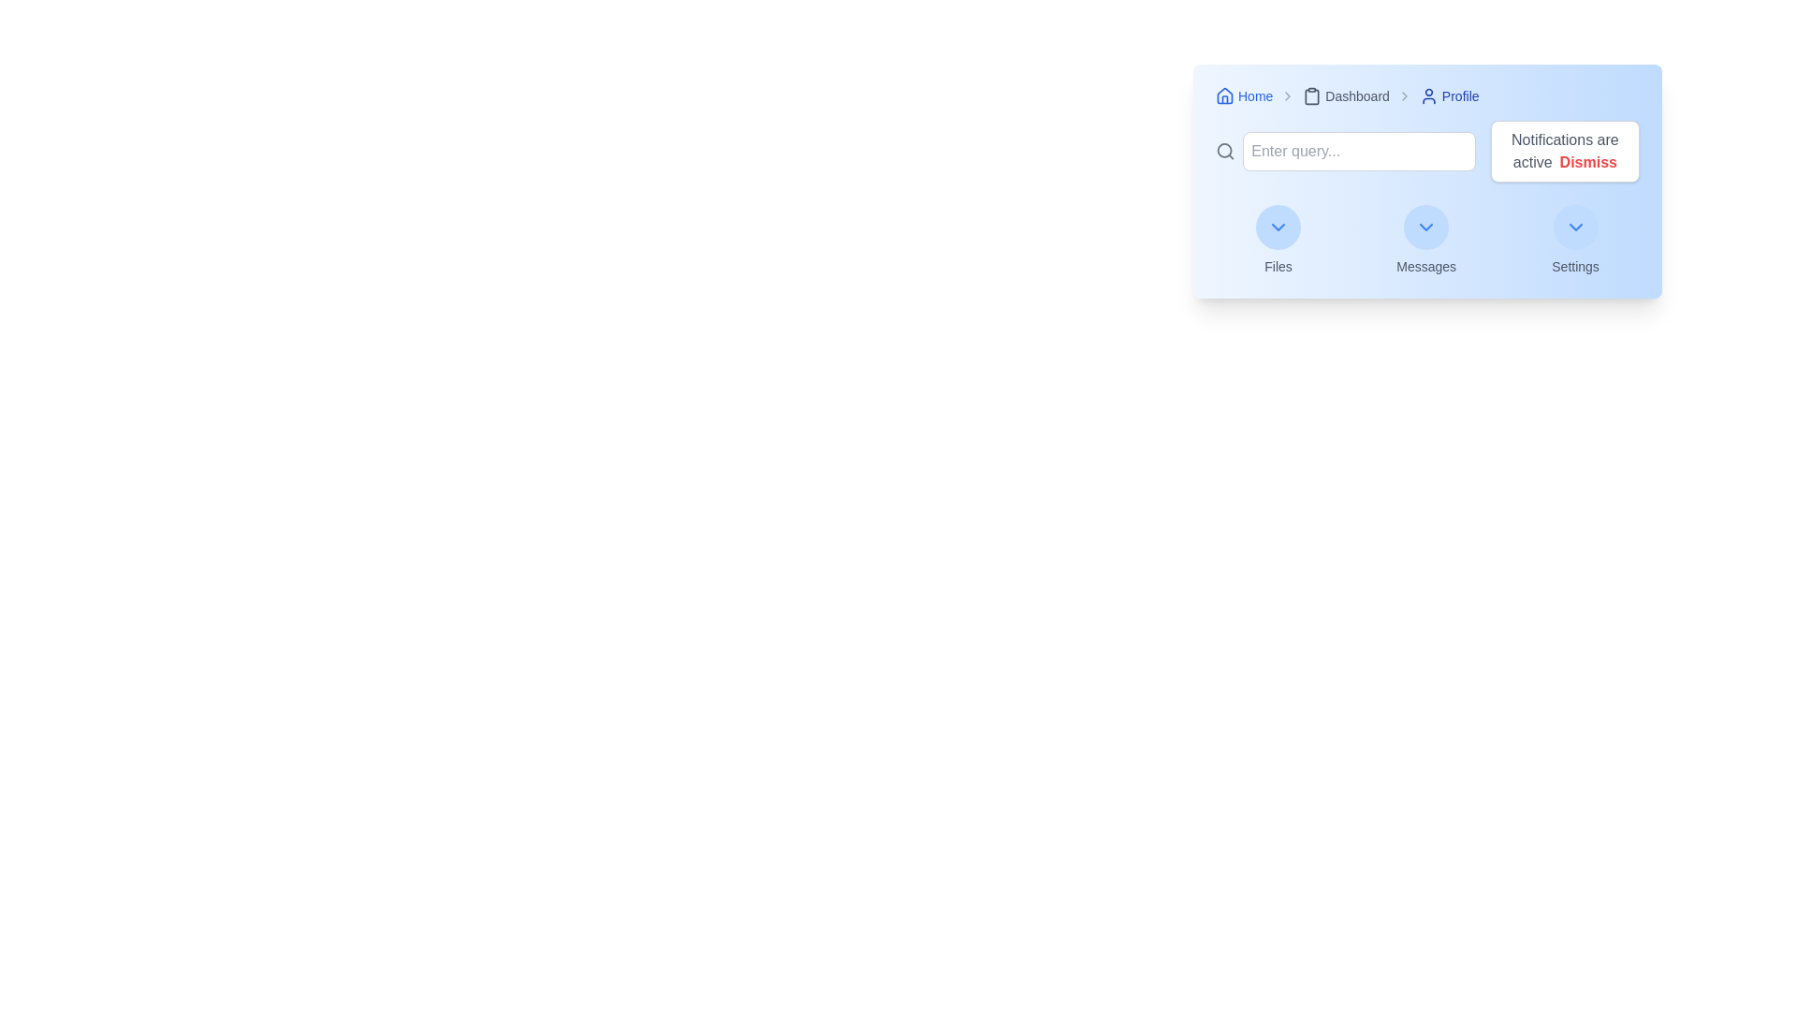  Describe the element at coordinates (1565, 151) in the screenshot. I see `the 'Dismiss' button in the notification box that states 'Notifications are active'` at that location.